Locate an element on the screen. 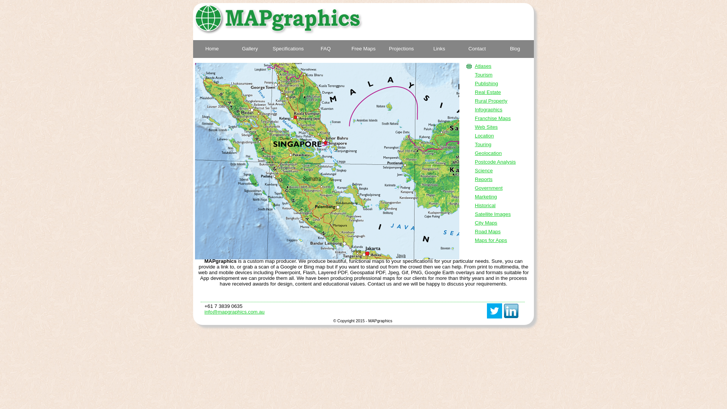  'Web Sites' is located at coordinates (486, 126).